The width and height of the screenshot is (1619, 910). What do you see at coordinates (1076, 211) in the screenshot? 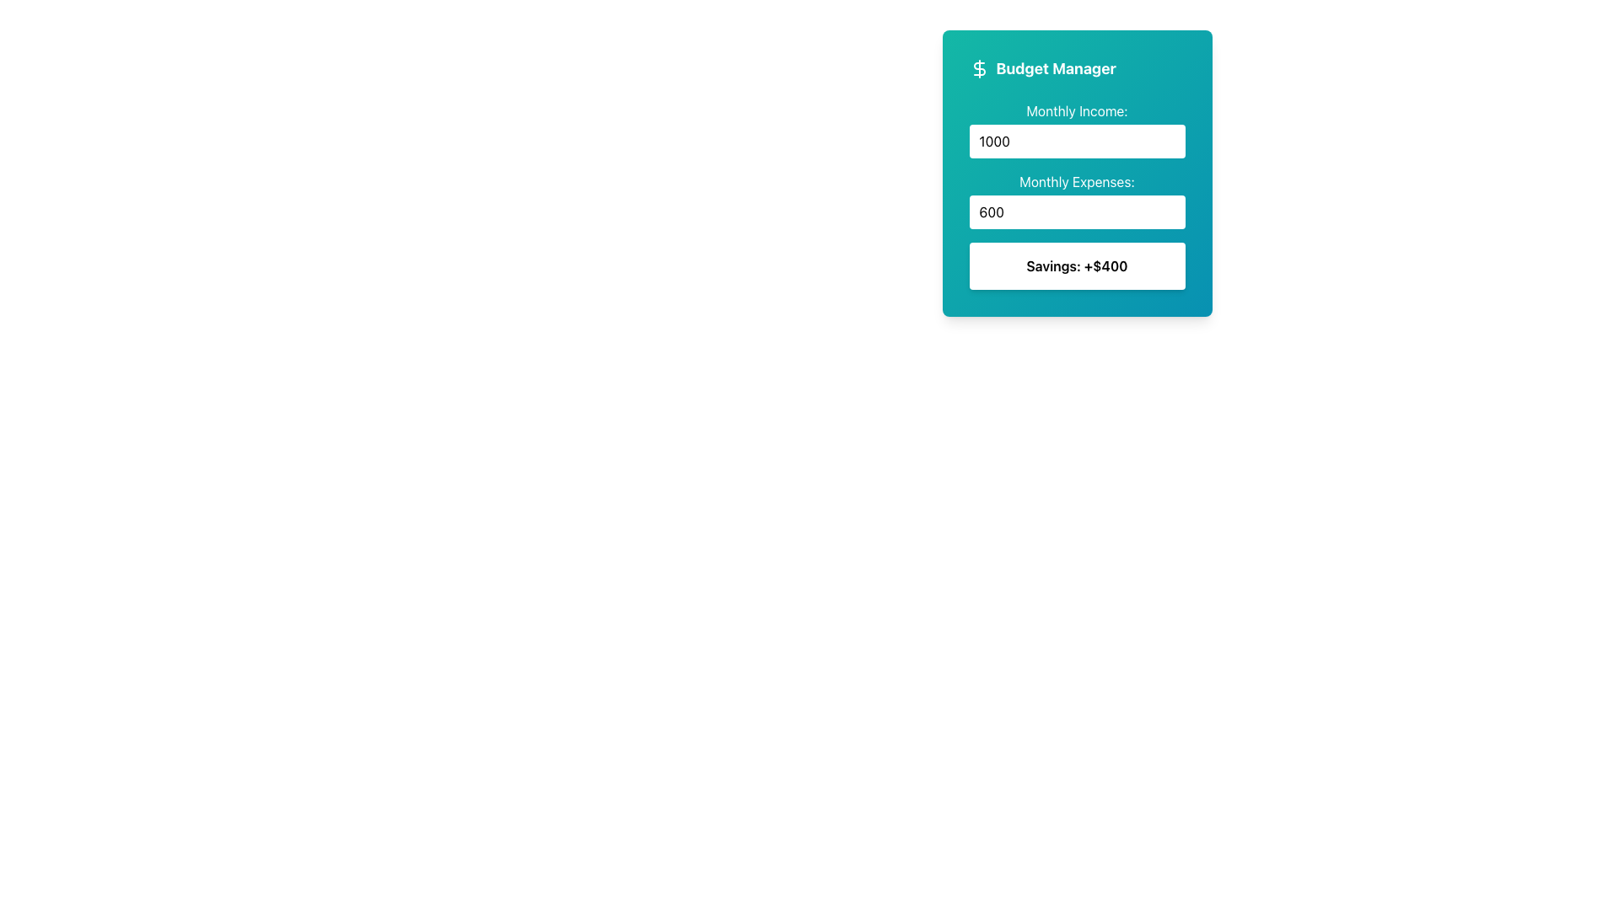
I see `the Number Input field that contains the numeric value '600' to focus on it` at bounding box center [1076, 211].